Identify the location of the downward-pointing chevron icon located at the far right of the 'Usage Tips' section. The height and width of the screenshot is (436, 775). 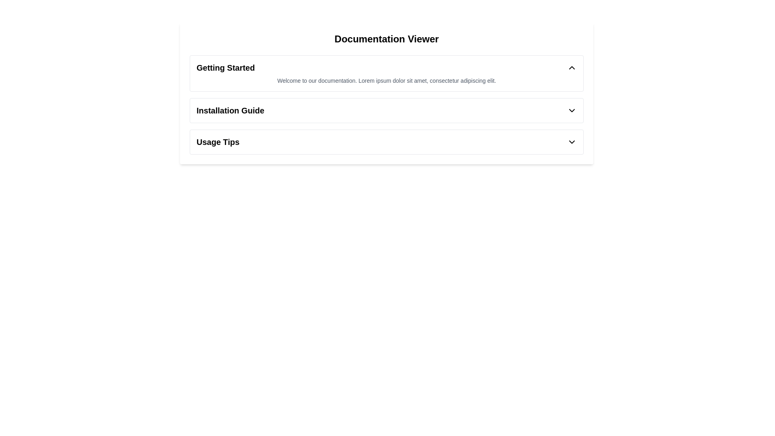
(571, 141).